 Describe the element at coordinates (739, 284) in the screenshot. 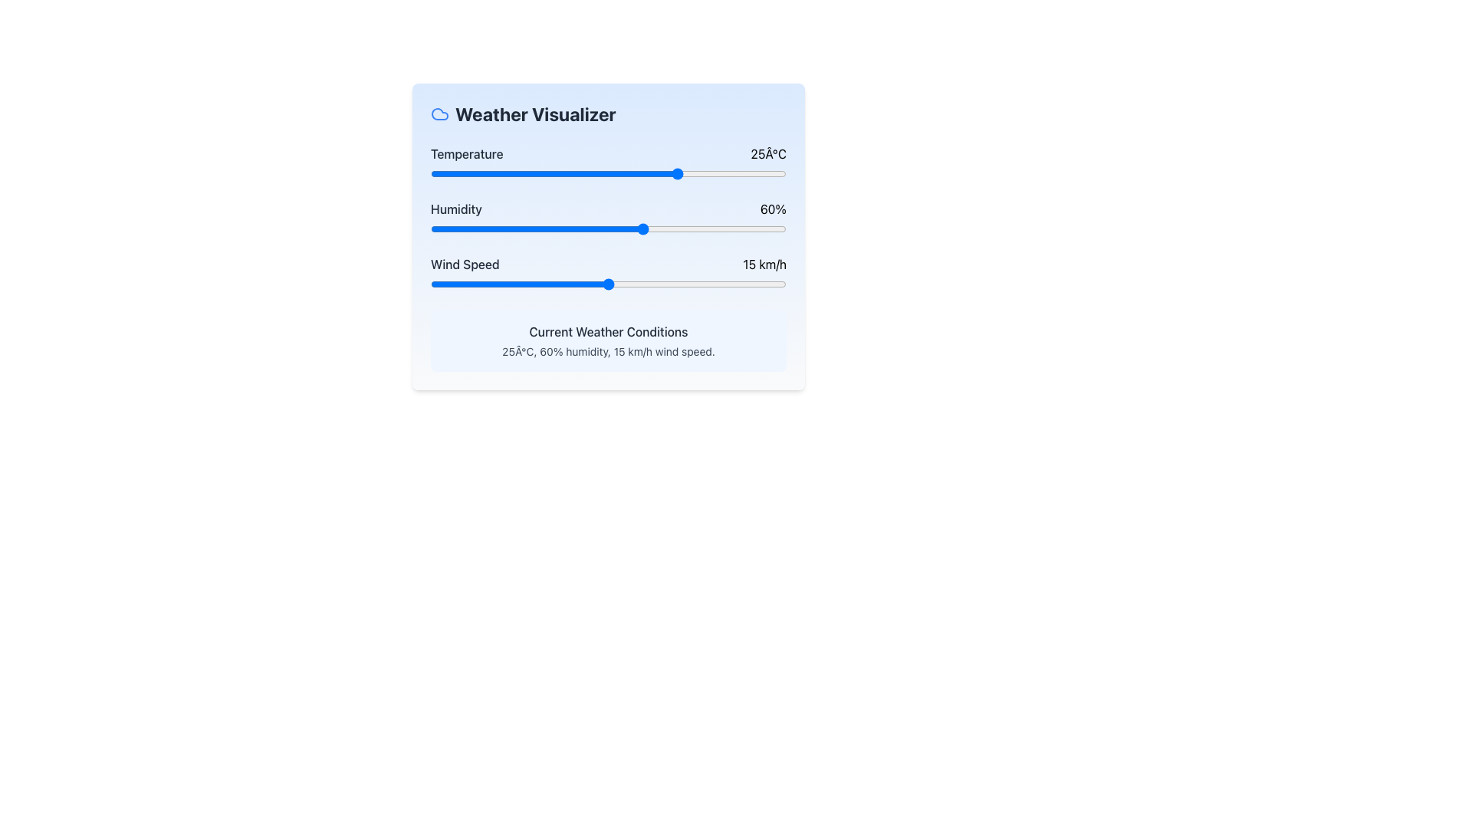

I see `wind speed` at that location.